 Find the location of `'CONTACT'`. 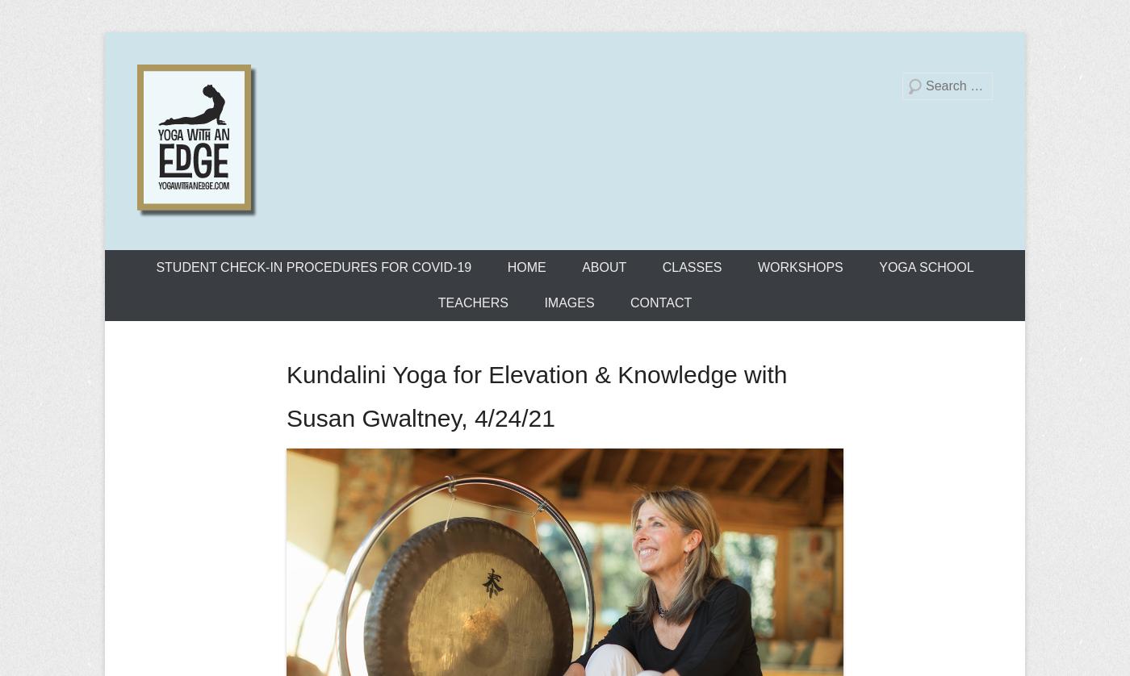

'CONTACT' is located at coordinates (661, 302).